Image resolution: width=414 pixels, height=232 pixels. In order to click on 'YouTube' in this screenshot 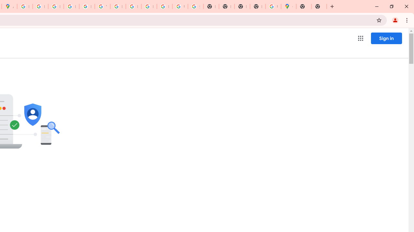, I will do `click(102, 6)`.